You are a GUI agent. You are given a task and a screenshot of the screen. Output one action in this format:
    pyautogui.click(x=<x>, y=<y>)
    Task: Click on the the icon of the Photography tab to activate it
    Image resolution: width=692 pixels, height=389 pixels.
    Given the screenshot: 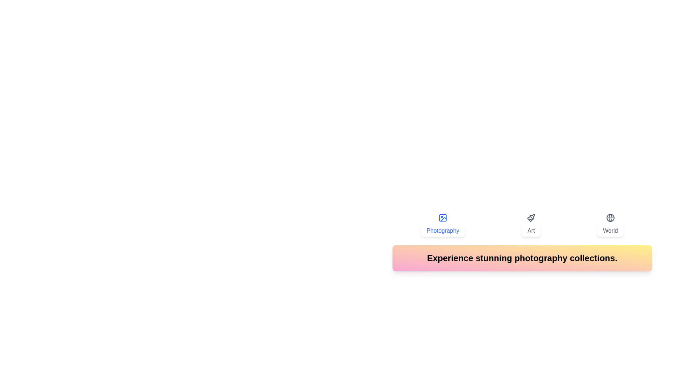 What is the action you would take?
    pyautogui.click(x=442, y=218)
    